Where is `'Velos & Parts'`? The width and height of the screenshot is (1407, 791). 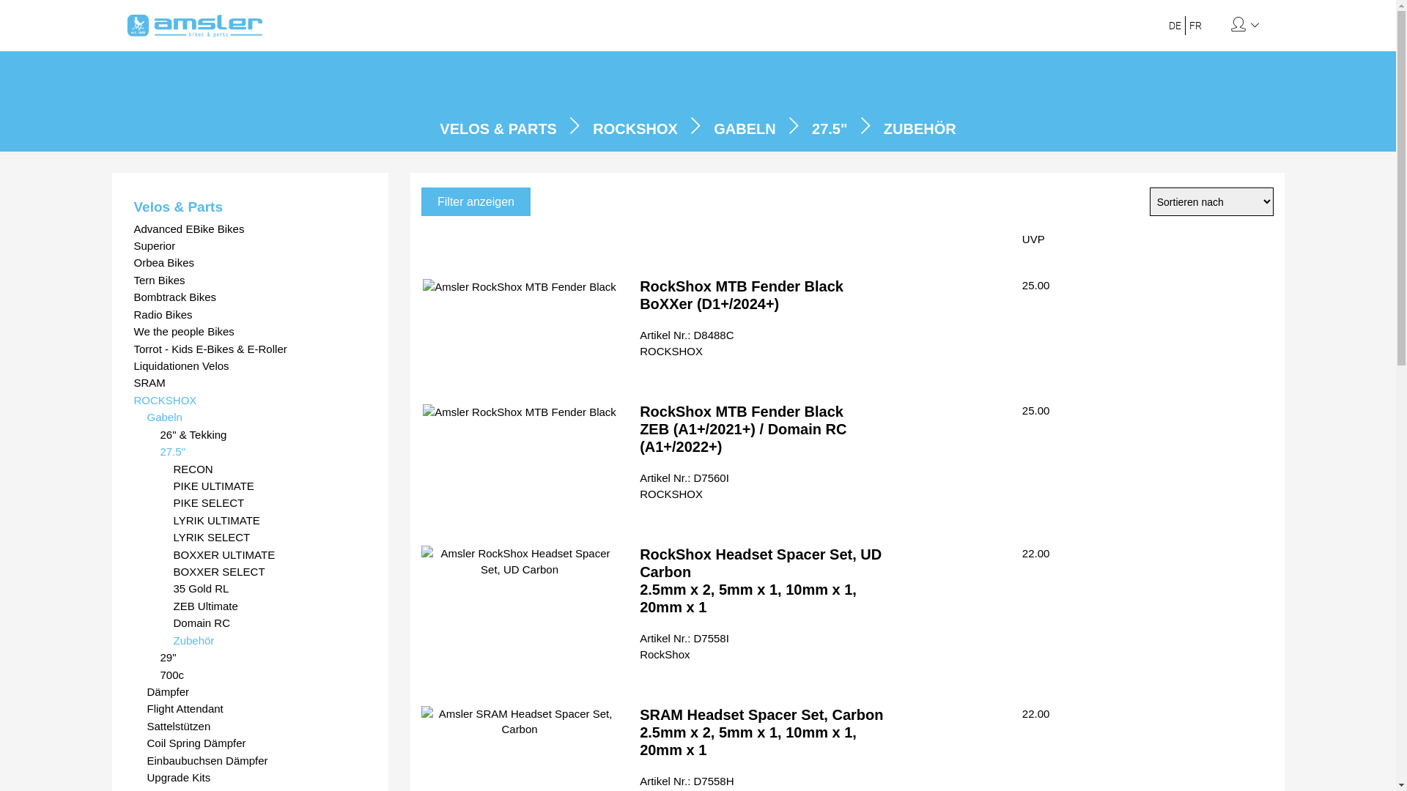 'Velos & Parts' is located at coordinates (249, 207).